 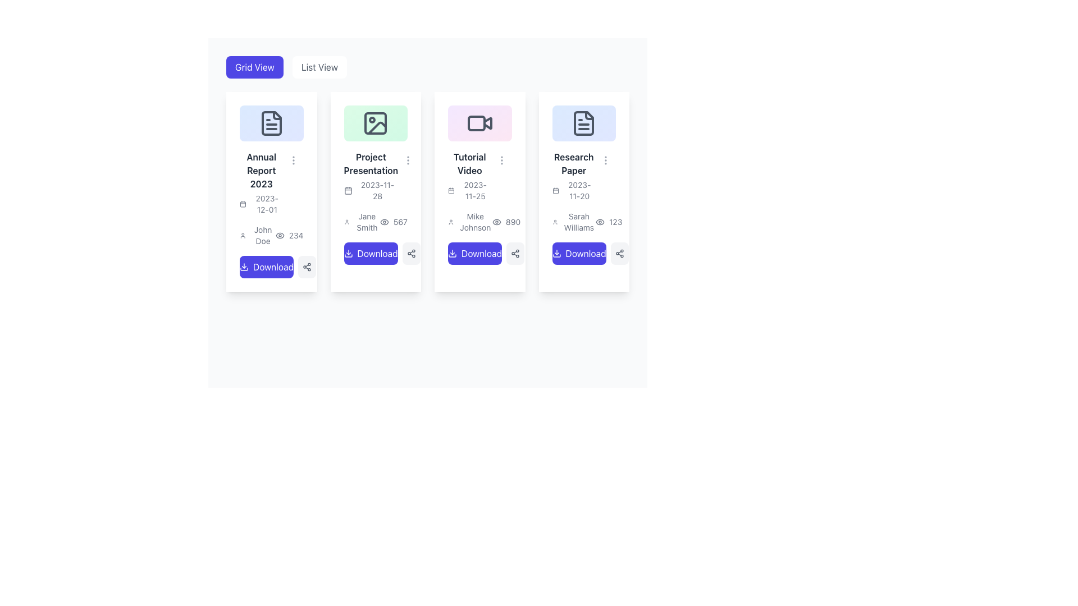 I want to click on the text label indicating the author's name 'Mike Johnson' located in the third card from the left, positioned centrally in the lower portion above the 'Download' button, so click(x=470, y=222).